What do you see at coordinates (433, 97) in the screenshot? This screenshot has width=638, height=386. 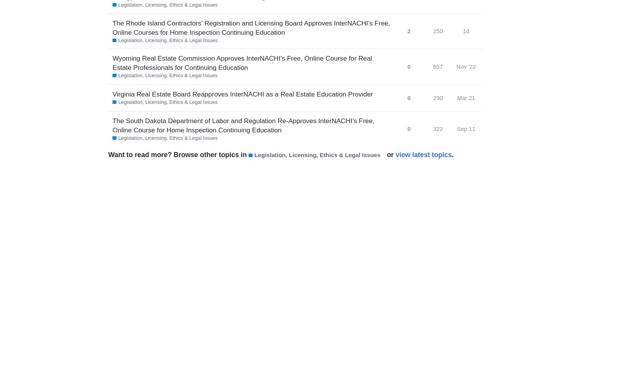 I see `'290'` at bounding box center [433, 97].